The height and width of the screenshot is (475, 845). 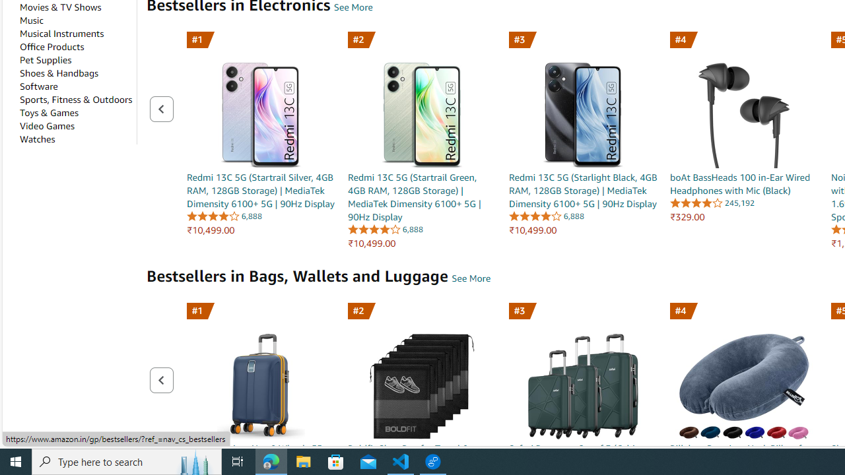 What do you see at coordinates (37, 139) in the screenshot?
I see `'Watches'` at bounding box center [37, 139].